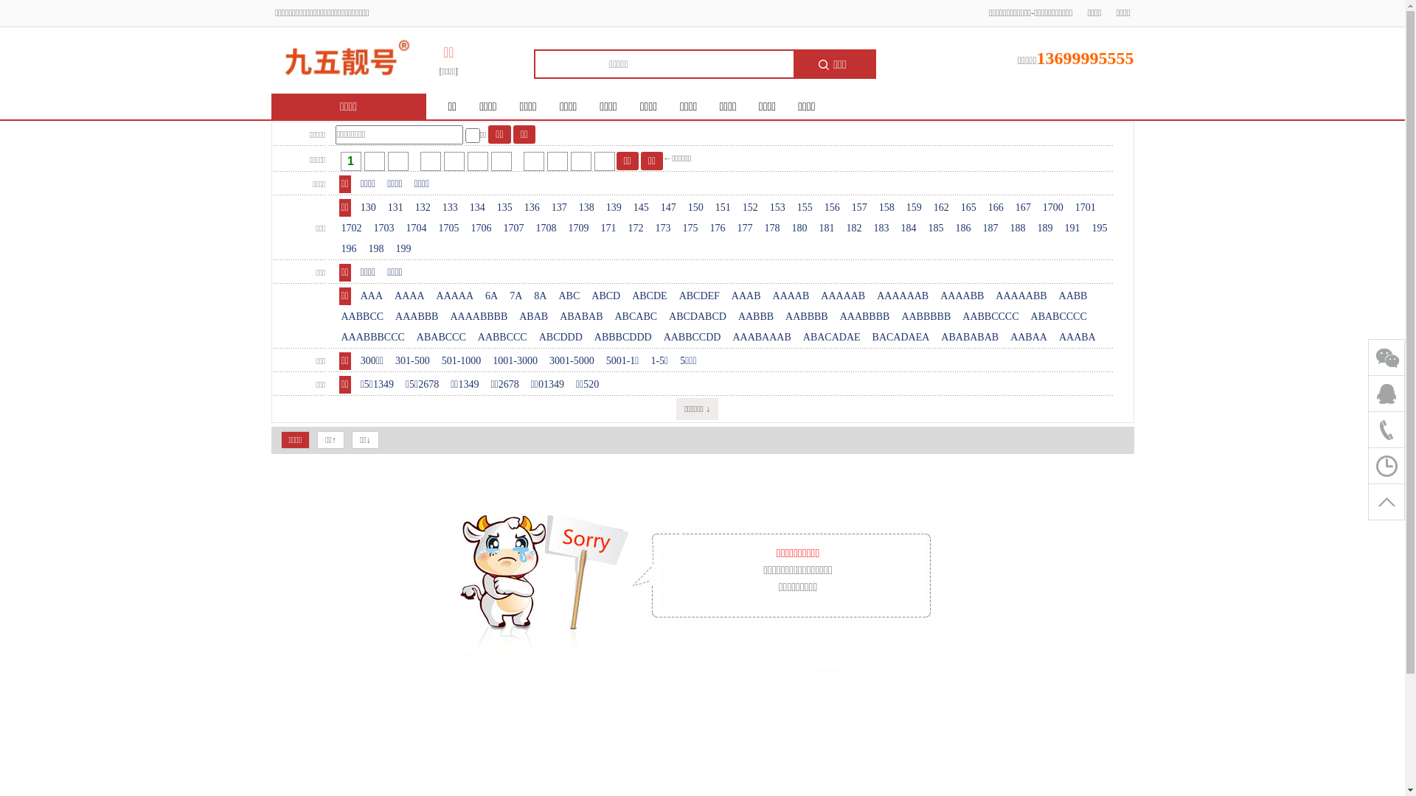 This screenshot has height=796, width=1416. I want to click on 'AAAAABB', so click(1020, 296).